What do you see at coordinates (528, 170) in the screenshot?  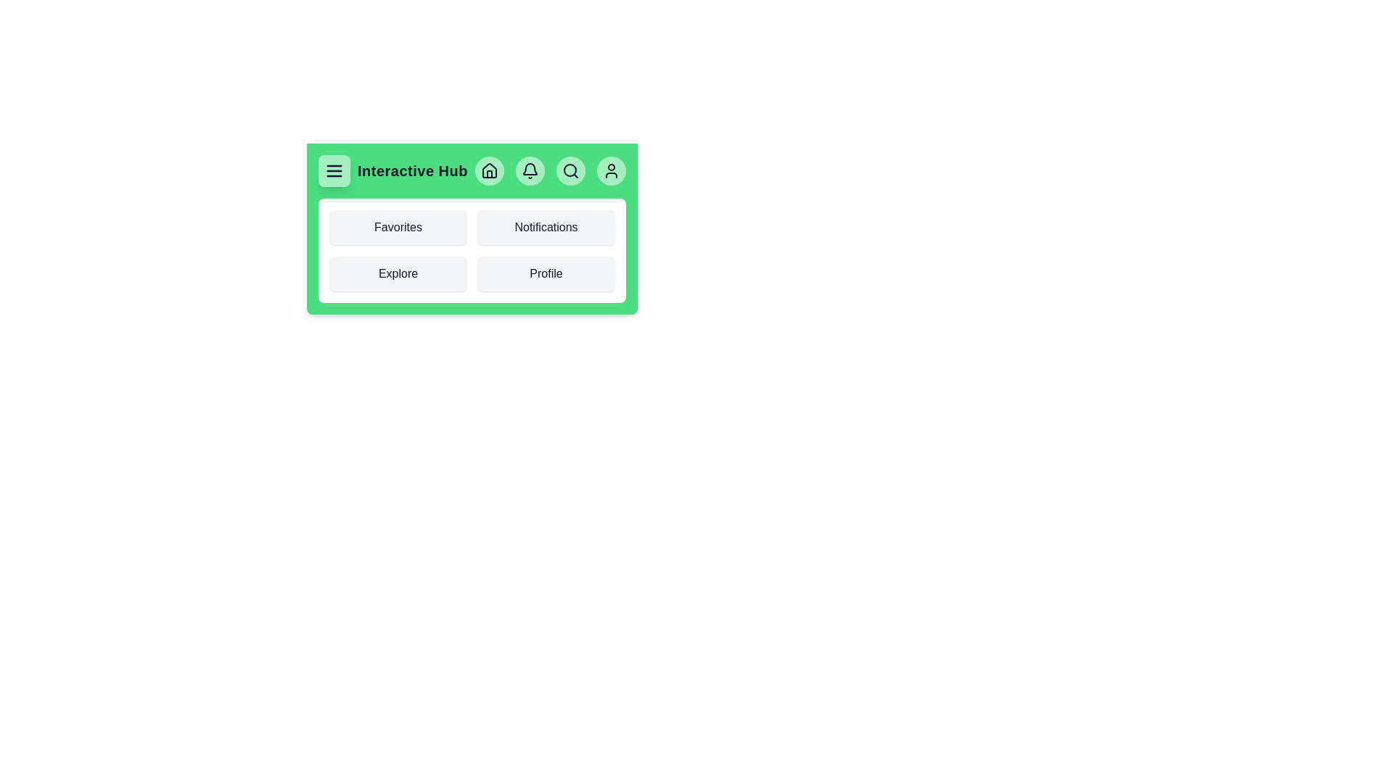 I see `the interactive element Bell Button` at bounding box center [528, 170].